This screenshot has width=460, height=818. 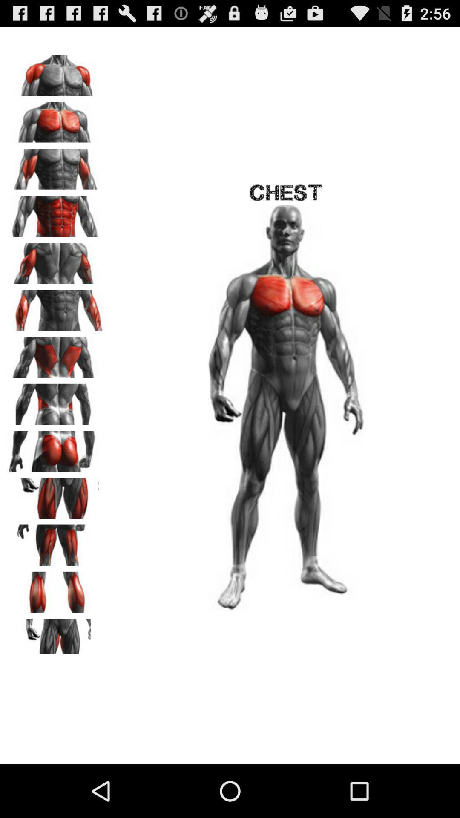 I want to click on the image below text chest, so click(x=286, y=407).